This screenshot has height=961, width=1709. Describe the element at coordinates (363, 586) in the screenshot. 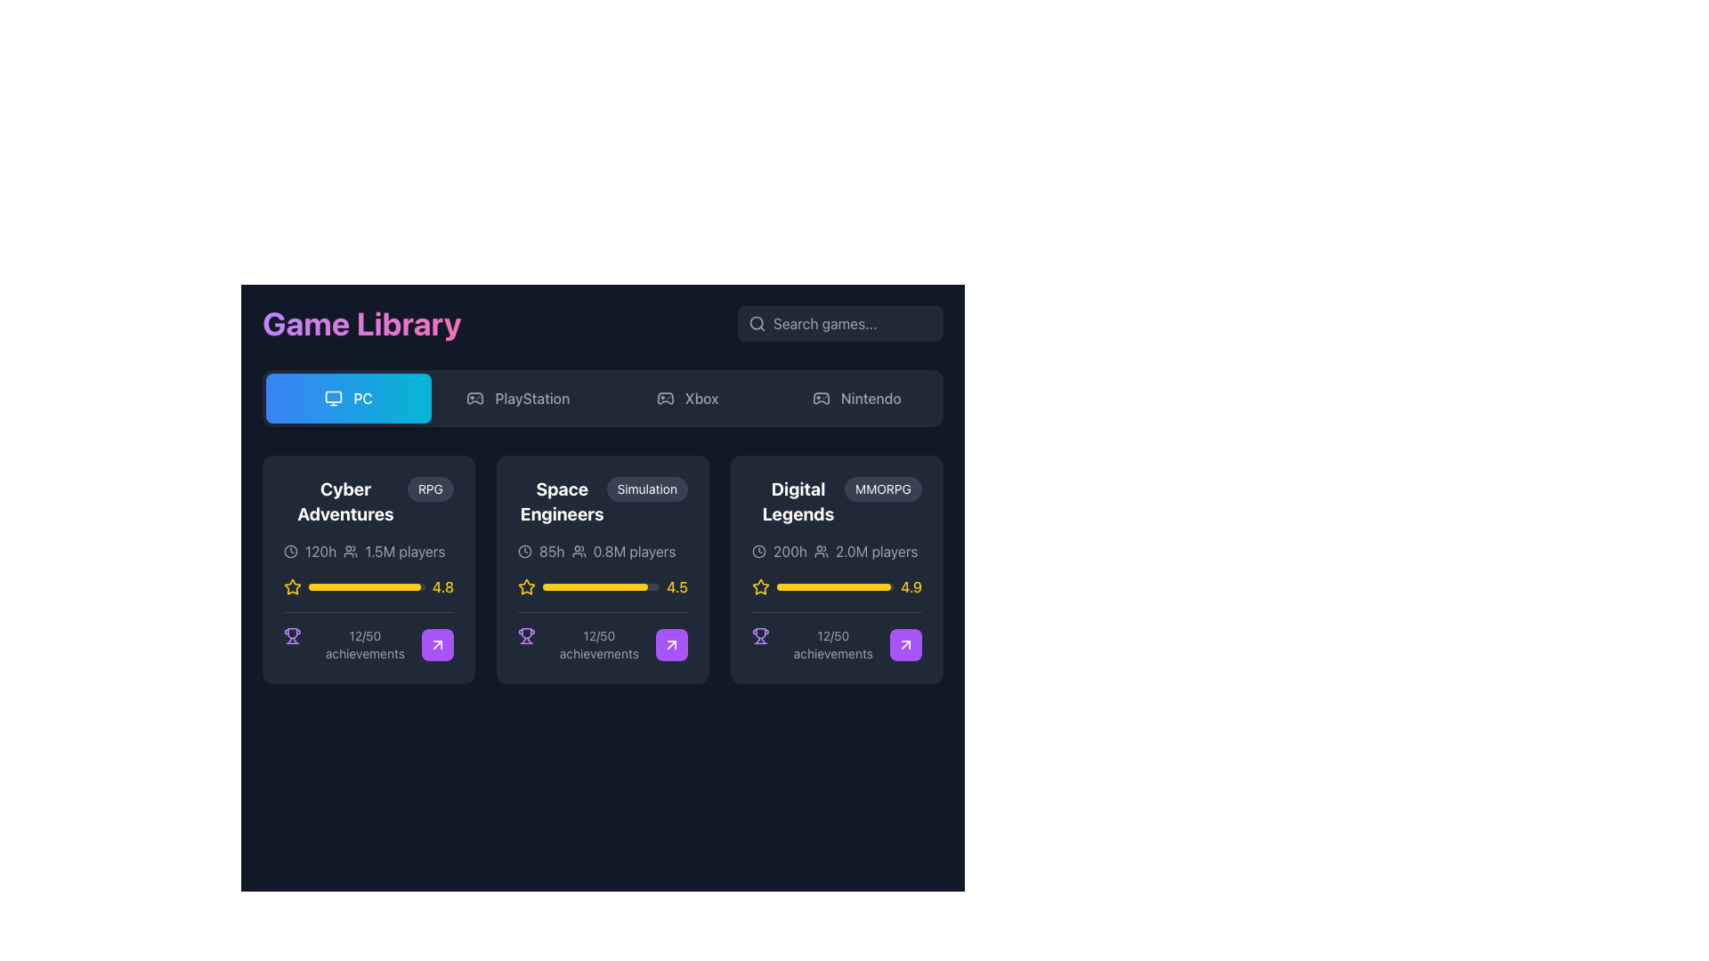

I see `the progress bar styled with a rounded yellow fill, indicating a 96% completion level, located within the 'Cyber Adventures' card, below the yellow star icon and above the '12/50 achievements' label` at that location.